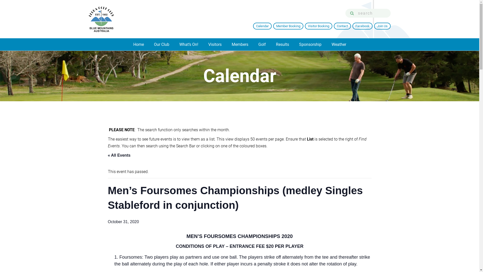 Image resolution: width=483 pixels, height=272 pixels. Describe the element at coordinates (148, 44) in the screenshot. I see `'Our Club'` at that location.